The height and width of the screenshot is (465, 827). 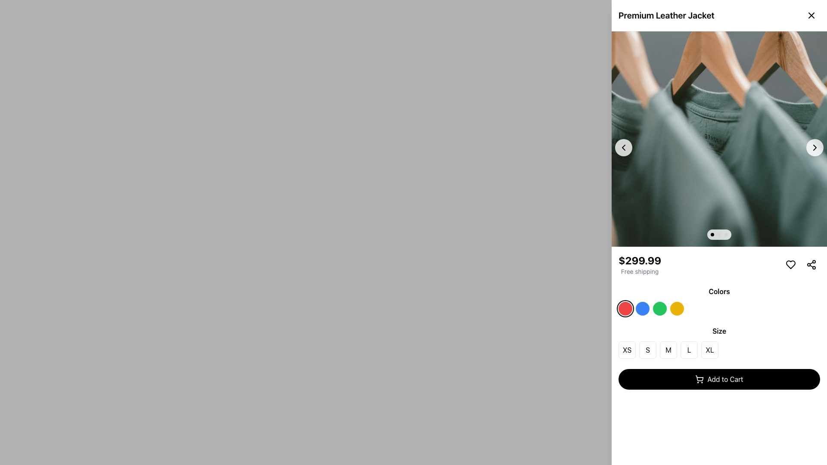 What do you see at coordinates (659, 308) in the screenshot?
I see `the third color selection icon for the green color option, located under the 'Colors' label and above the size selectors` at bounding box center [659, 308].